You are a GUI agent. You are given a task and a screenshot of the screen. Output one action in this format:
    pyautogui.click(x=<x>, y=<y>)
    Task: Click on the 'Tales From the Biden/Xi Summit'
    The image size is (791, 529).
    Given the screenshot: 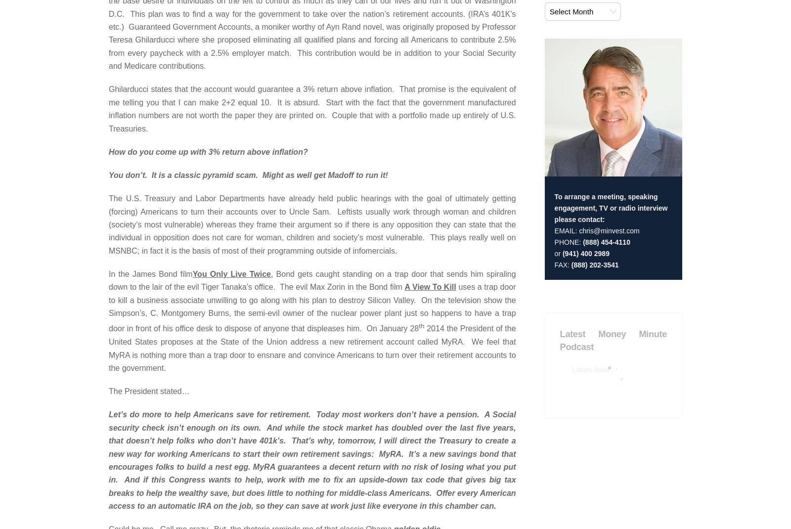 What is the action you would take?
    pyautogui.click(x=448, y=105)
    